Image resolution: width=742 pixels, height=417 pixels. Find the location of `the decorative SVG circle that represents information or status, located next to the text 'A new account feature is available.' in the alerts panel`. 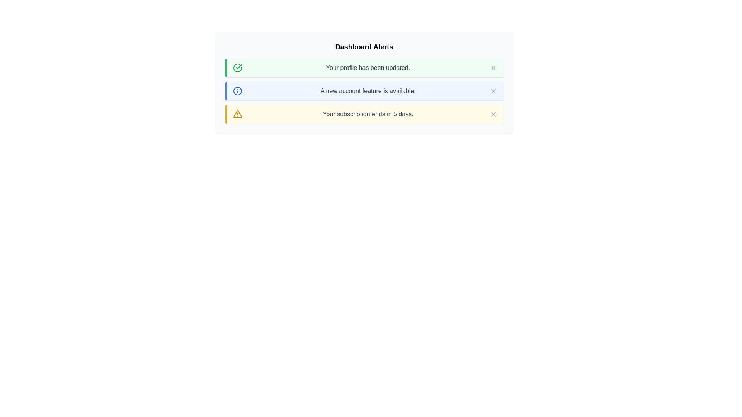

the decorative SVG circle that represents information or status, located next to the text 'A new account feature is available.' in the alerts panel is located at coordinates (237, 90).